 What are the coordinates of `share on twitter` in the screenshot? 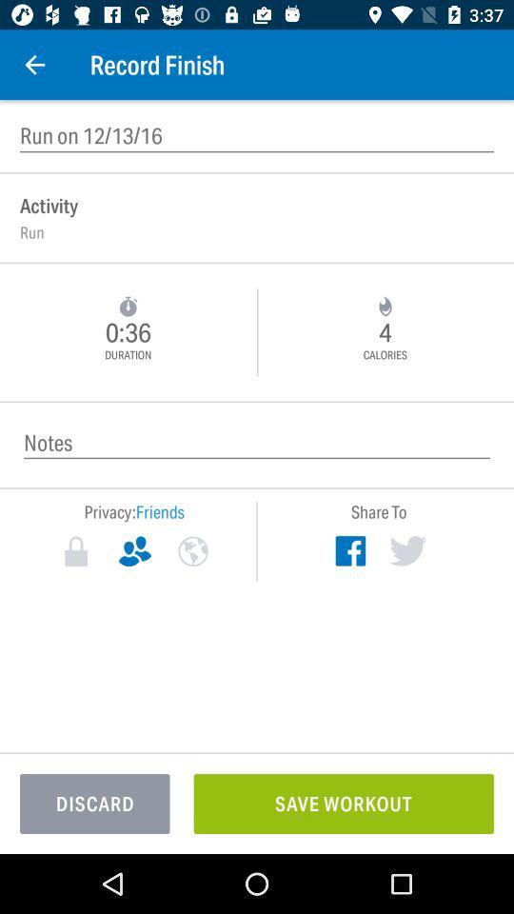 It's located at (406, 550).